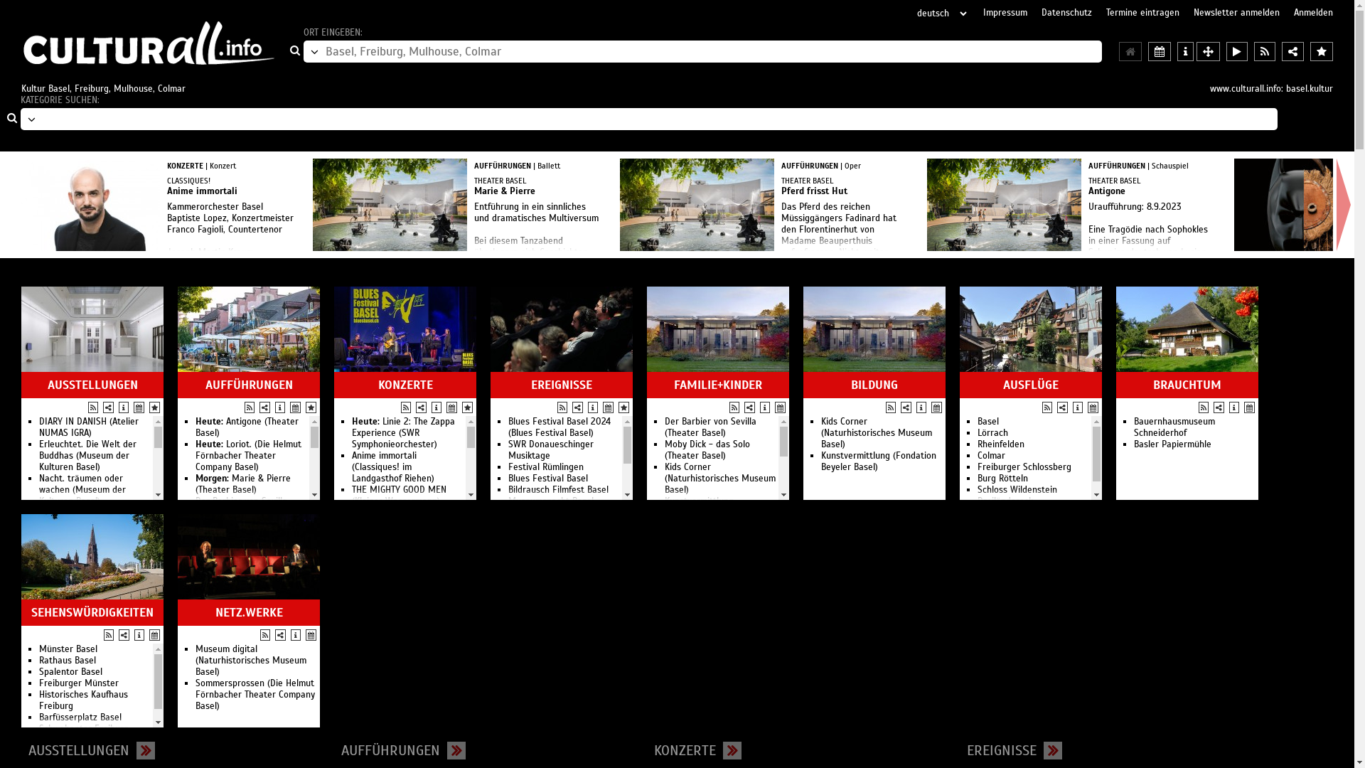 The width and height of the screenshot is (1365, 768). Describe the element at coordinates (664, 449) in the screenshot. I see `'Moby Dick - das Solo (Theater Basel)'` at that location.